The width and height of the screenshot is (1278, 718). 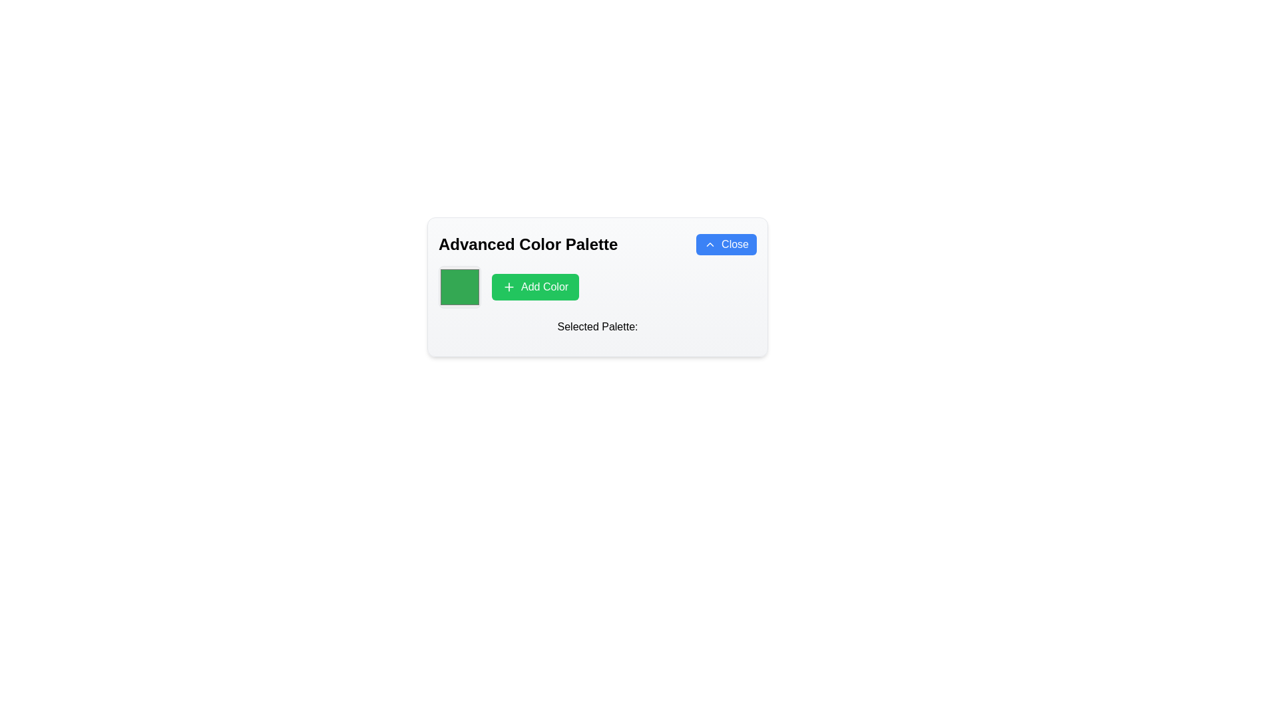 I want to click on the bold and large font text displaying 'Advanced Color Palette' located in the upper-left part of the layout, positioned to the left of the 'Close' button, so click(x=527, y=244).